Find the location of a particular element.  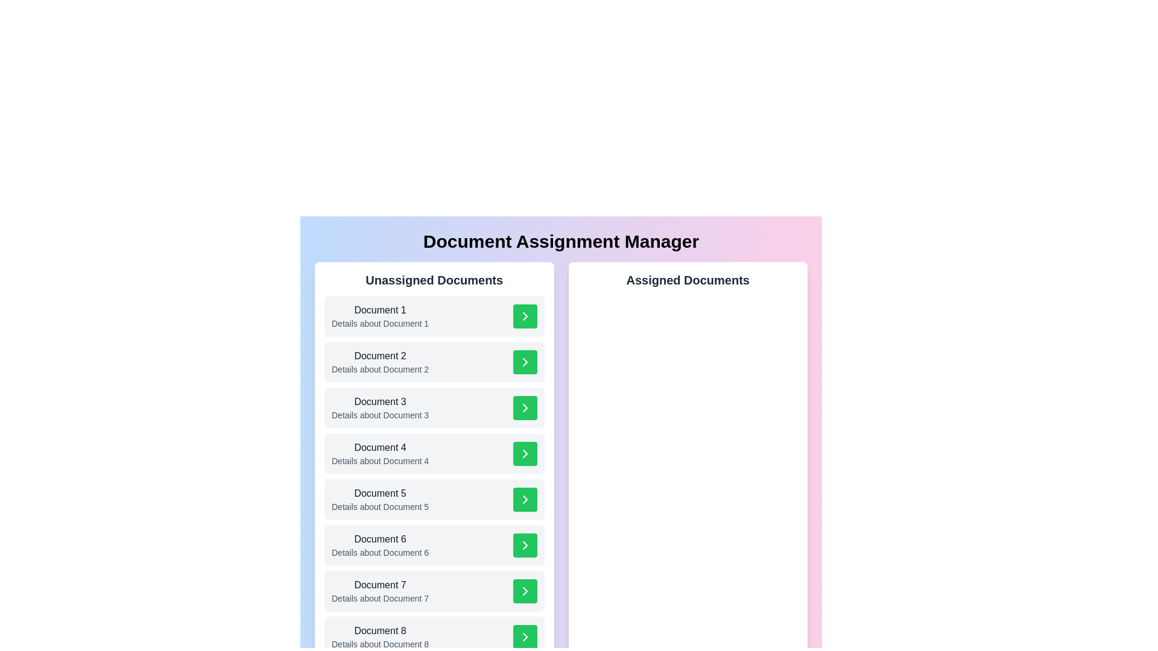

the text label displaying 'Document 5' styled in dark gray within the 'Unassigned Documents' column is located at coordinates (379, 493).